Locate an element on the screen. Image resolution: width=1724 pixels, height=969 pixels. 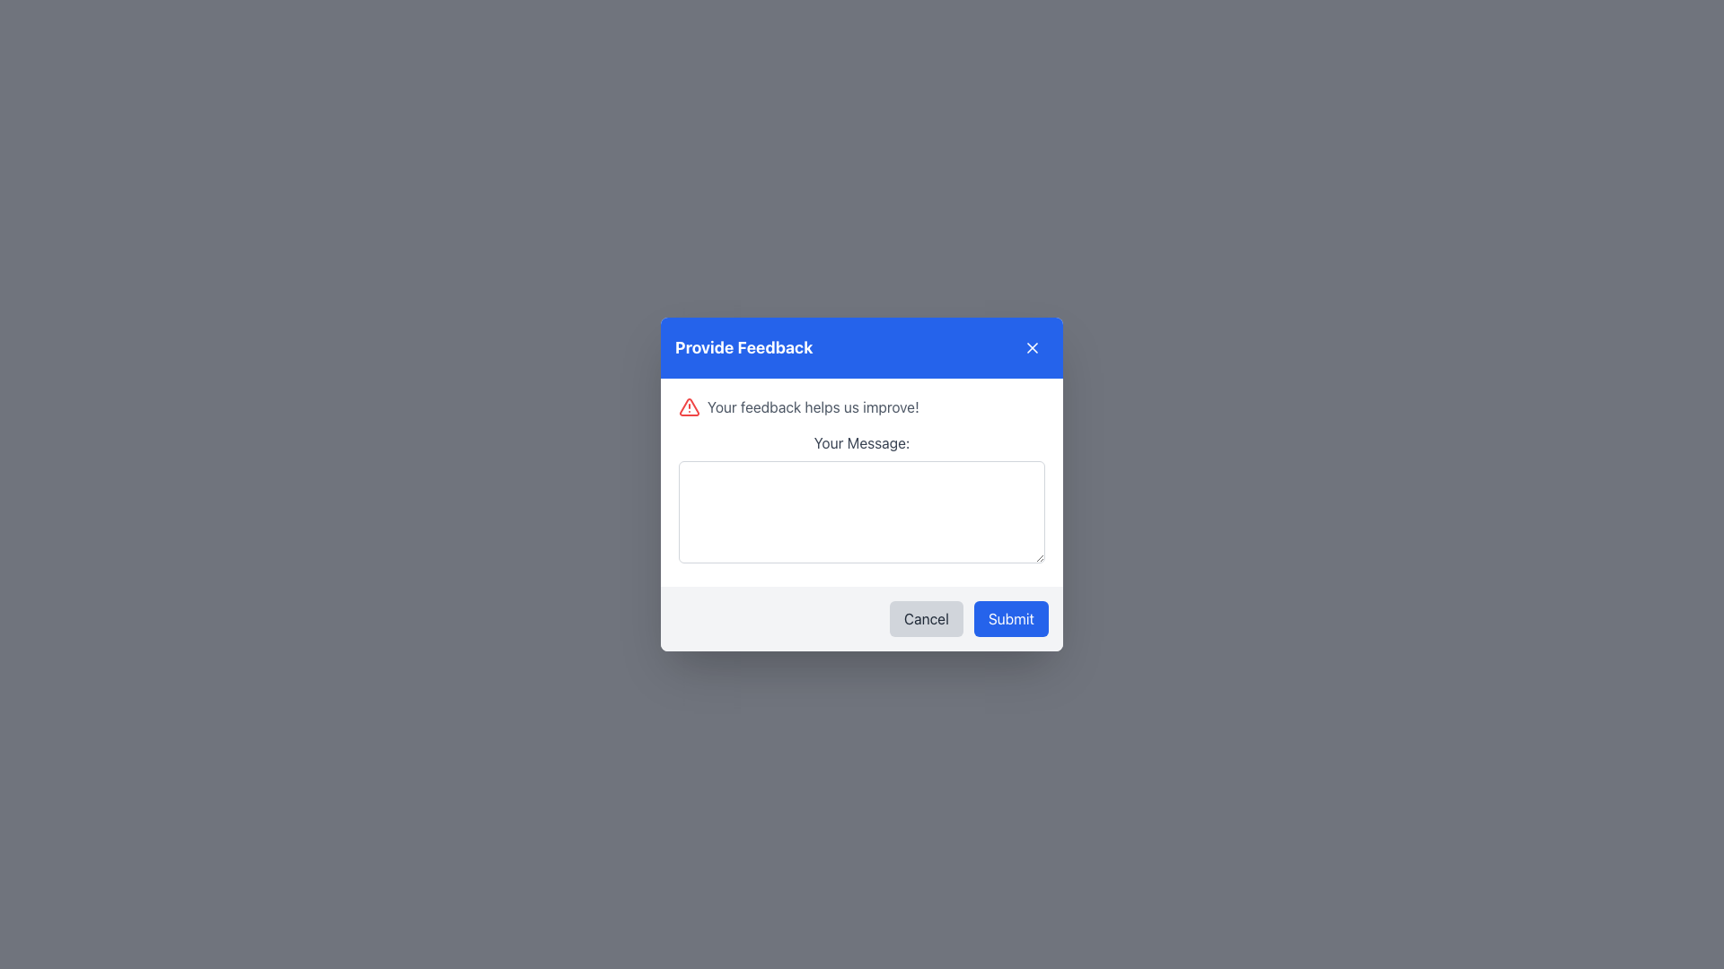
the text label that guides the user about the purpose of the input field below it, which is centrally located at the top of the dialog box is located at coordinates (862, 442).